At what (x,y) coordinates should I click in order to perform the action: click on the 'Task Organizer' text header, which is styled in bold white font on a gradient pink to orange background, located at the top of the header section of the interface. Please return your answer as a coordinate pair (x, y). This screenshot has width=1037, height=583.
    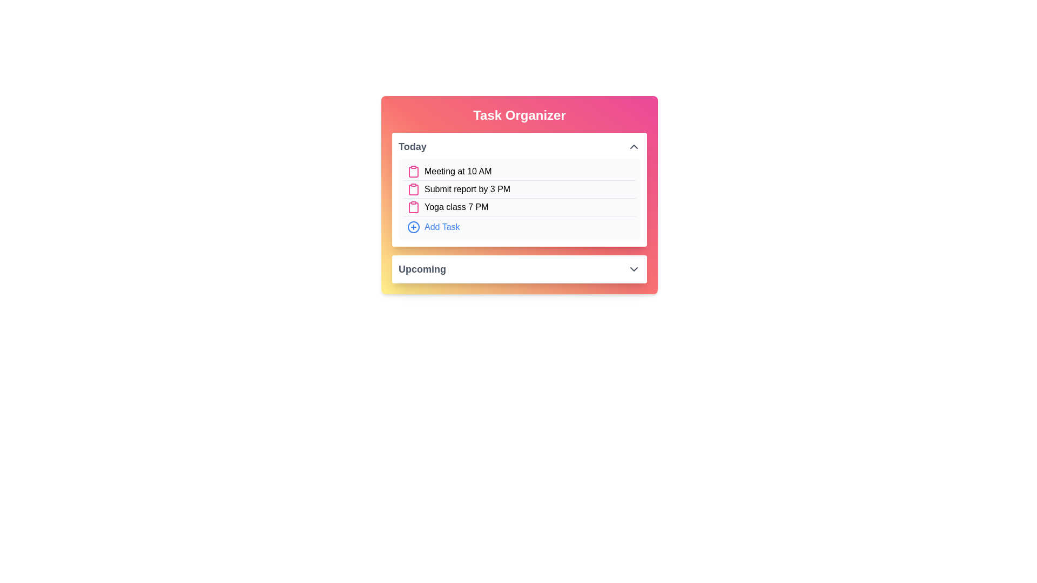
    Looking at the image, I should click on (519, 115).